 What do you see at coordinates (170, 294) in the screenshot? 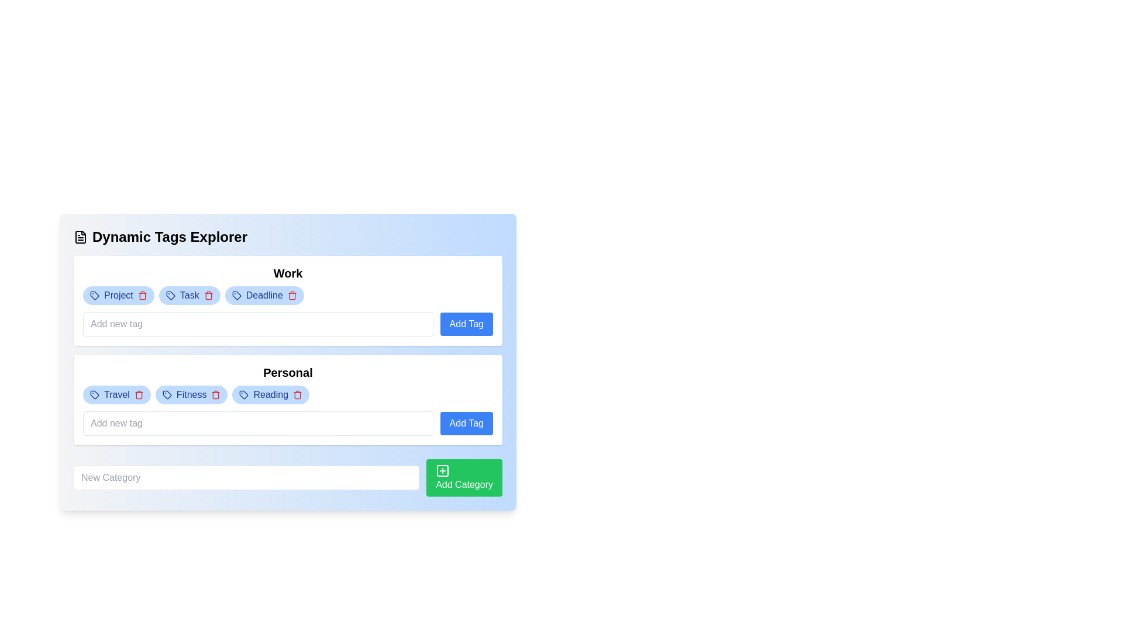
I see `the 'Task' icon` at bounding box center [170, 294].